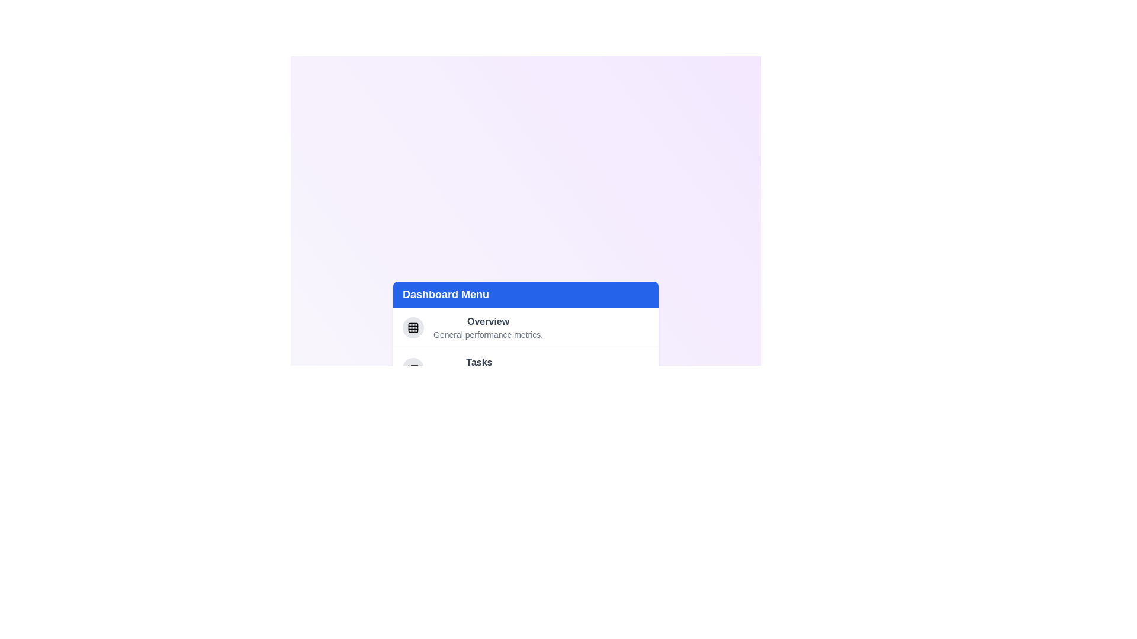  Describe the element at coordinates (525, 293) in the screenshot. I see `'Dashboard Menu' button to toggle the visibility of the menu` at that location.